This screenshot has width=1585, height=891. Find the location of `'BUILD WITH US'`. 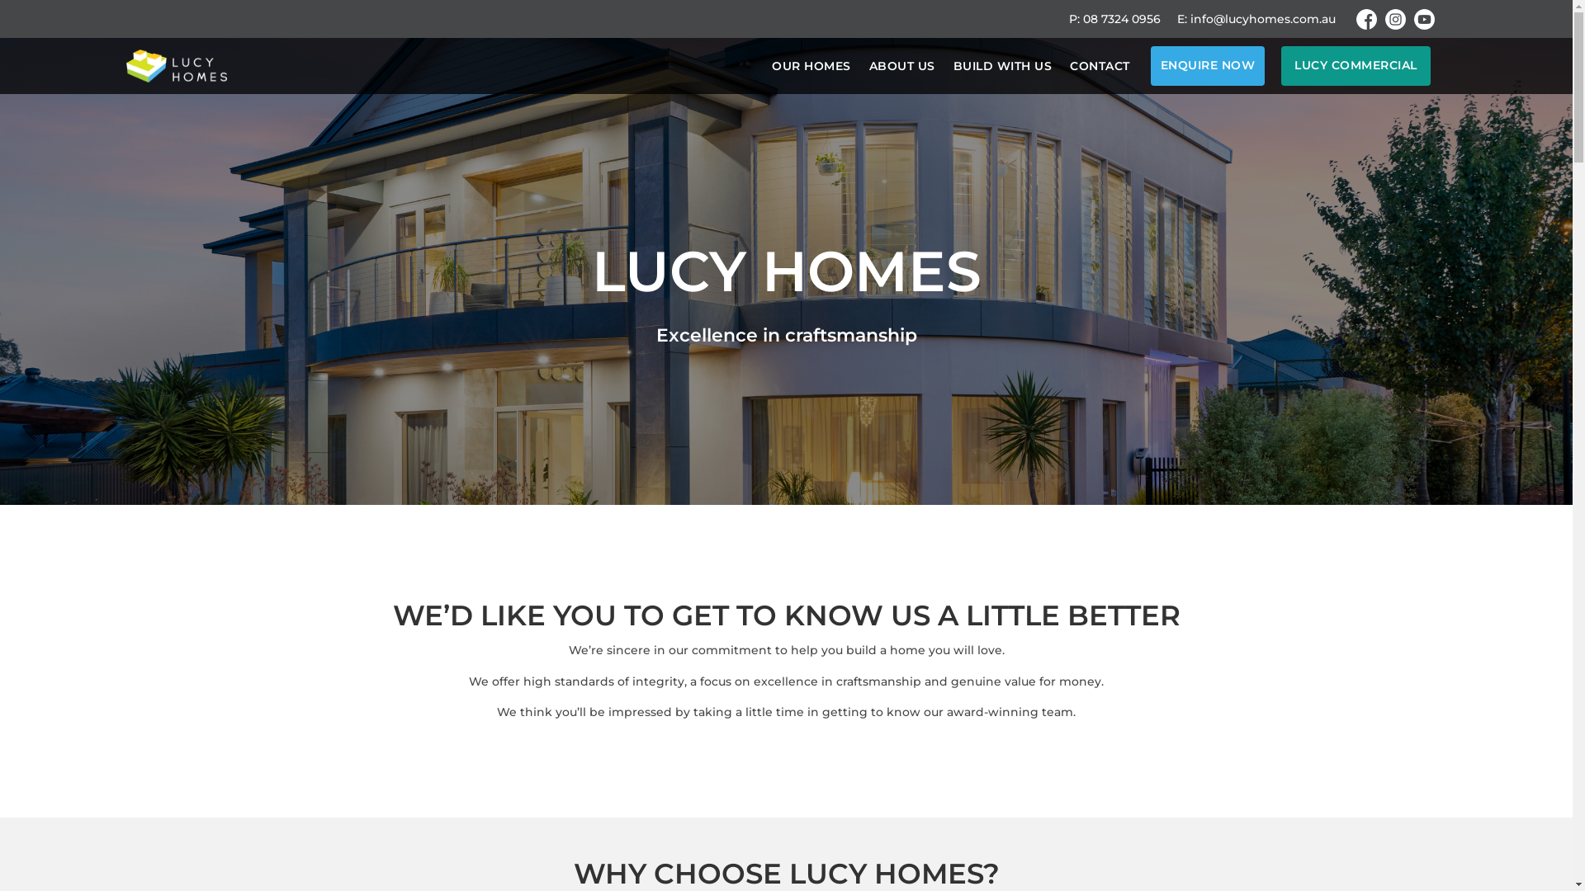

'BUILD WITH US' is located at coordinates (1001, 65).